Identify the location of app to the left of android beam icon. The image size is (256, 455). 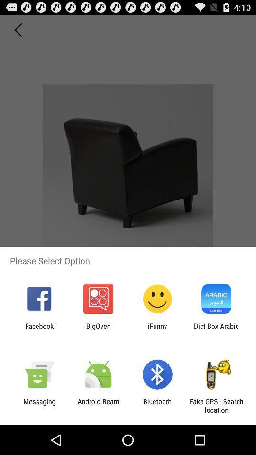
(39, 405).